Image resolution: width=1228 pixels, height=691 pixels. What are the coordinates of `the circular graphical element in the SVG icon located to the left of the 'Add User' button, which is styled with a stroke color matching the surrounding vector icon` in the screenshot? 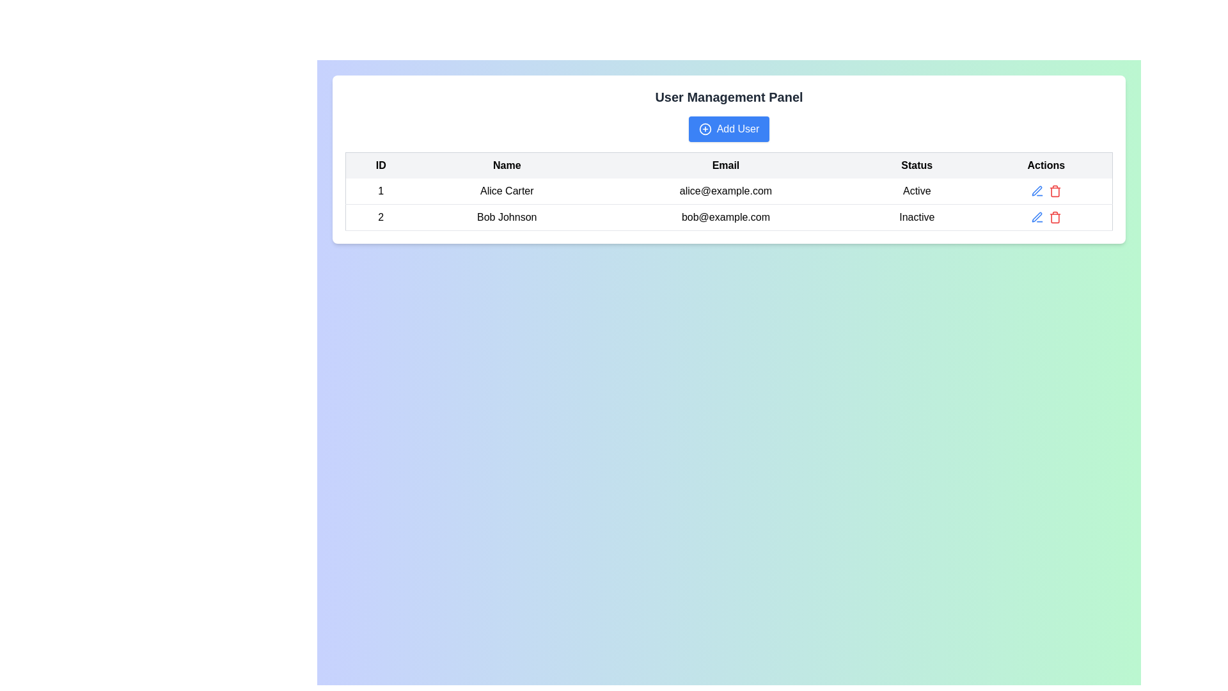 It's located at (704, 129).